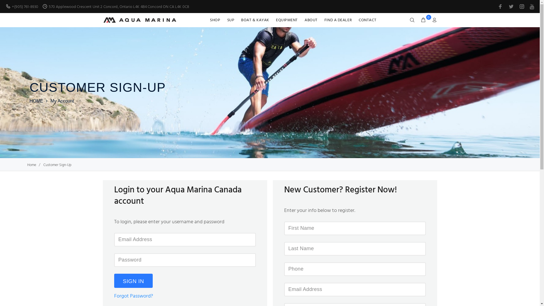 The image size is (544, 306). What do you see at coordinates (133, 296) in the screenshot?
I see `'Forgot Password?'` at bounding box center [133, 296].